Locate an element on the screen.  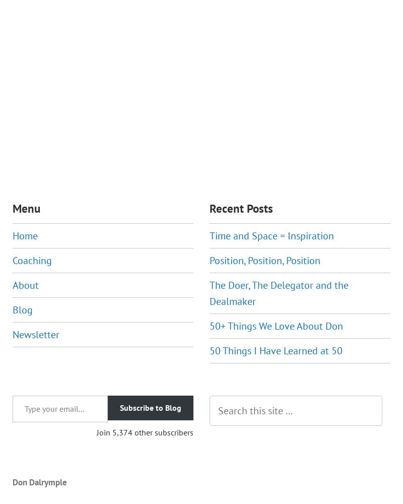
'About' is located at coordinates (25, 284).